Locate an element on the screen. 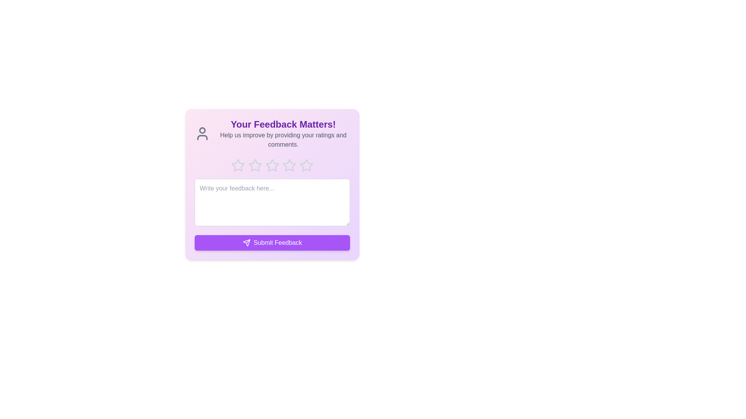 This screenshot has width=746, height=419. the star corresponding to 2 to preview the rating is located at coordinates (255, 165).